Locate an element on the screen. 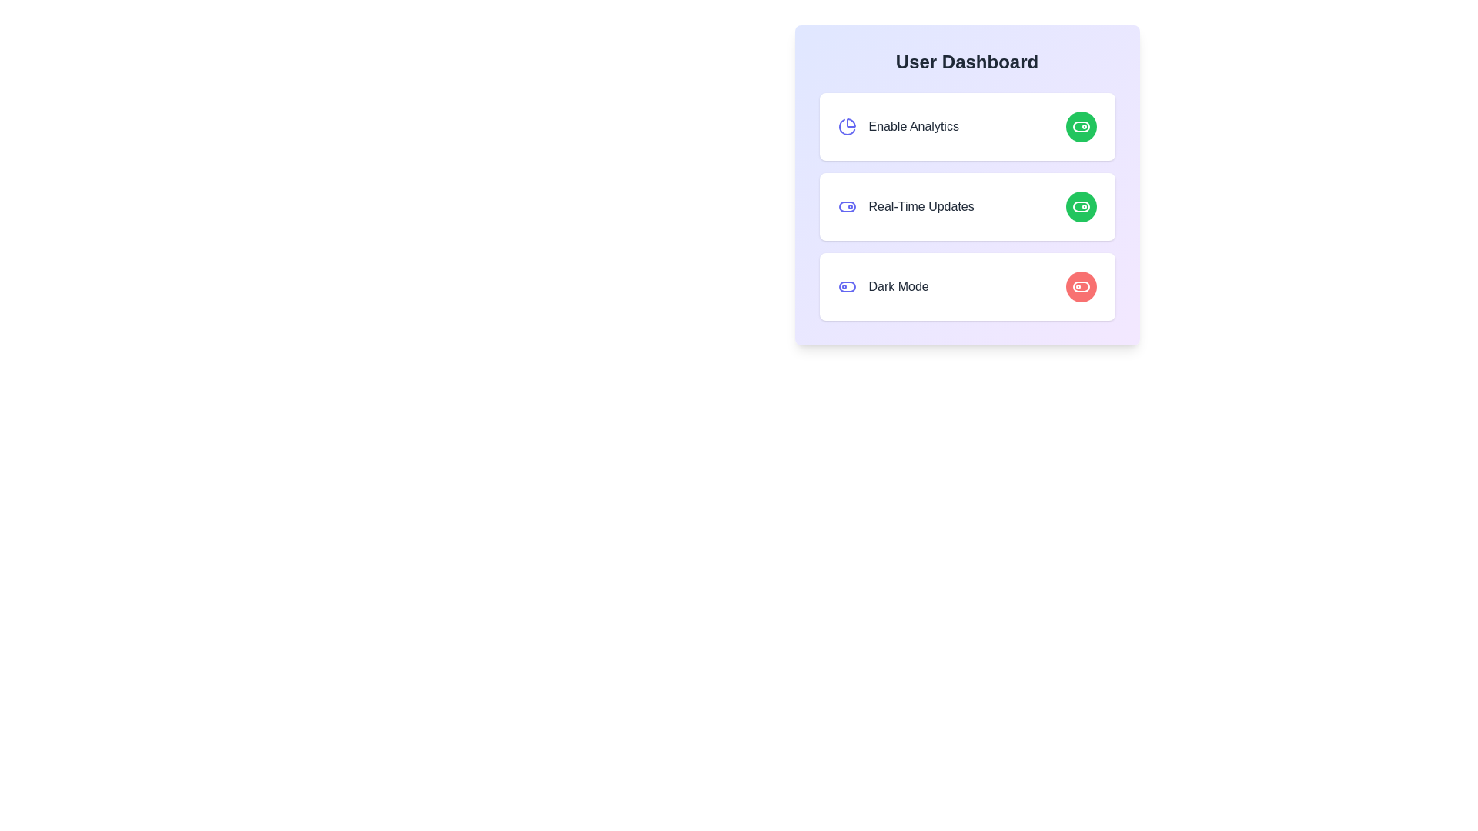  the background area of the toggle switch located to the right of the 'Real-Time Updates' label in the user dashboard layout is located at coordinates (1080, 126).